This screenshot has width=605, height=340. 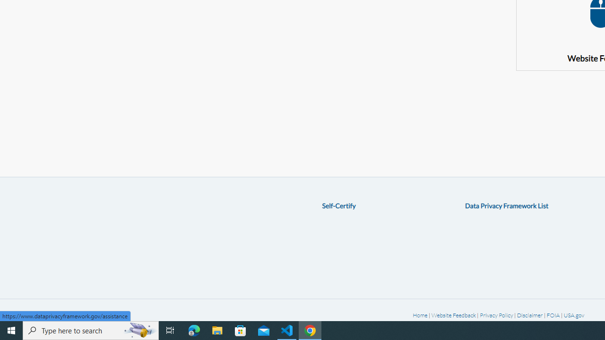 What do you see at coordinates (338, 205) in the screenshot?
I see `'Self-Certify'` at bounding box center [338, 205].